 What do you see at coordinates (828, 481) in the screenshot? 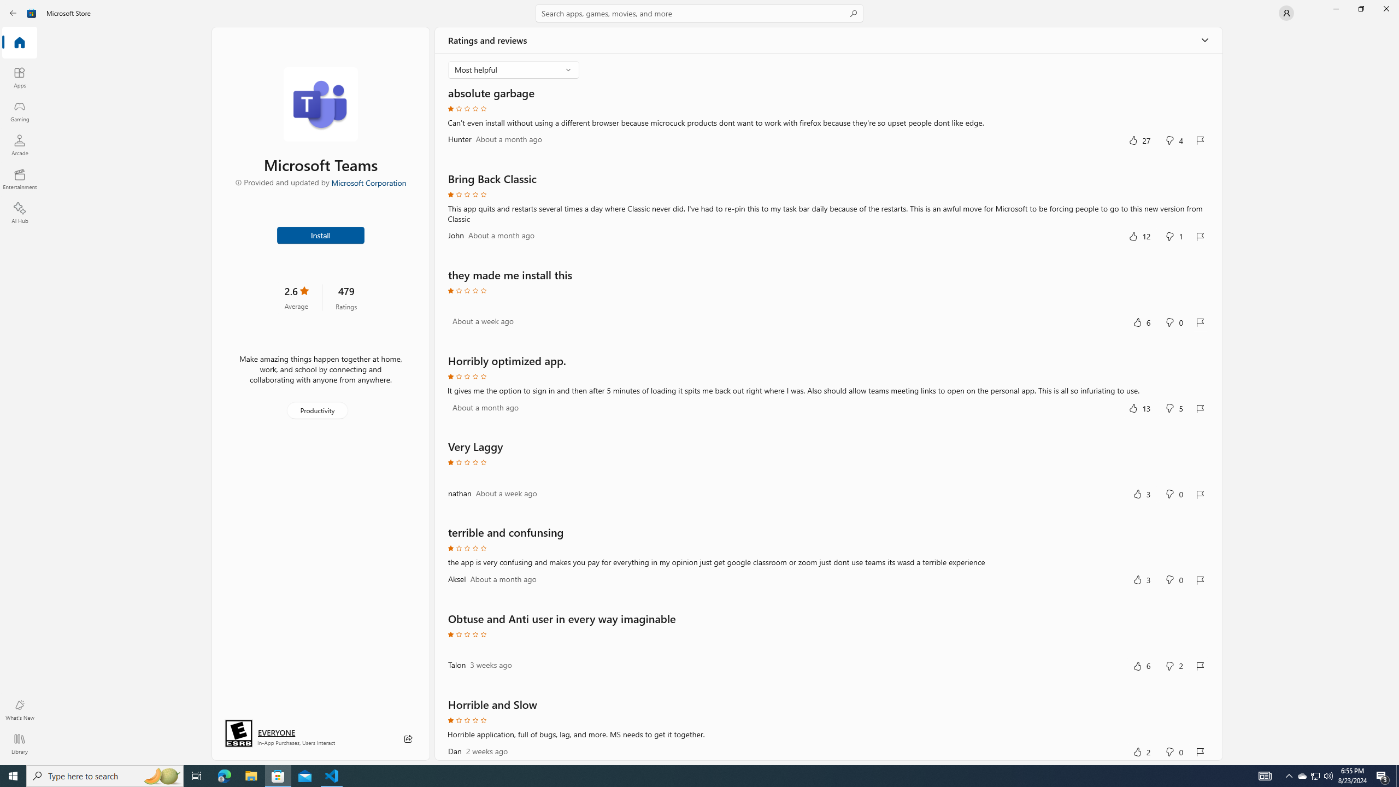
I see `'Review by nathan. Rated 1 out of five stars. Very Laggy.'` at bounding box center [828, 481].